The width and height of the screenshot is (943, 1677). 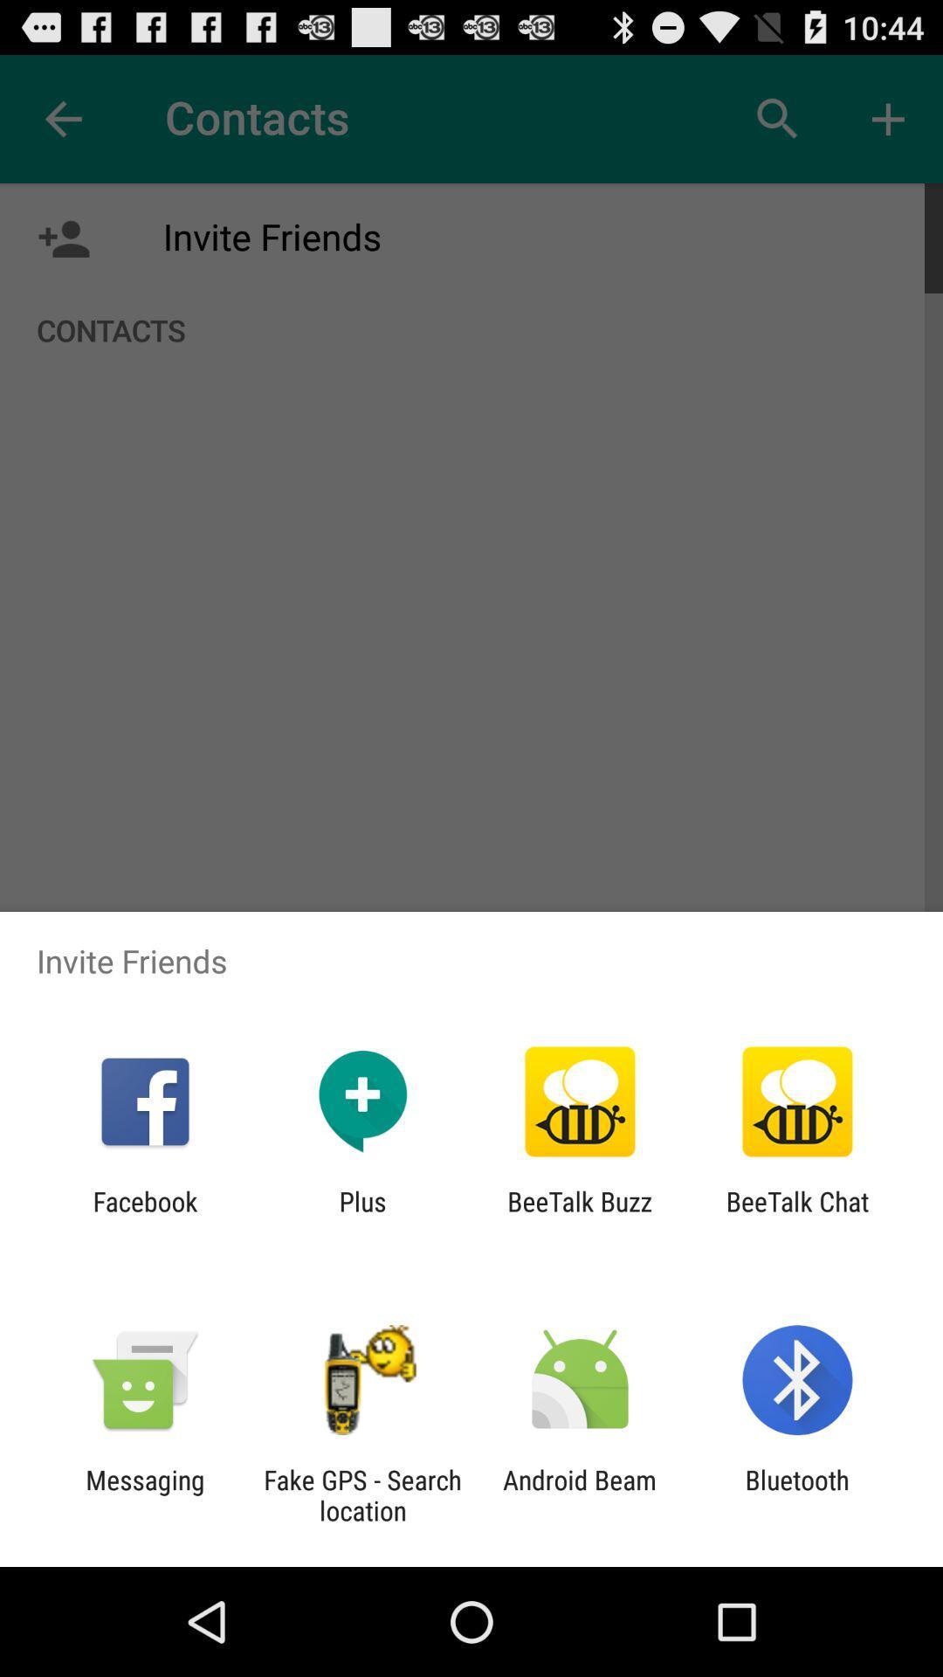 I want to click on icon to the left of the beetalk buzz icon, so click(x=361, y=1216).